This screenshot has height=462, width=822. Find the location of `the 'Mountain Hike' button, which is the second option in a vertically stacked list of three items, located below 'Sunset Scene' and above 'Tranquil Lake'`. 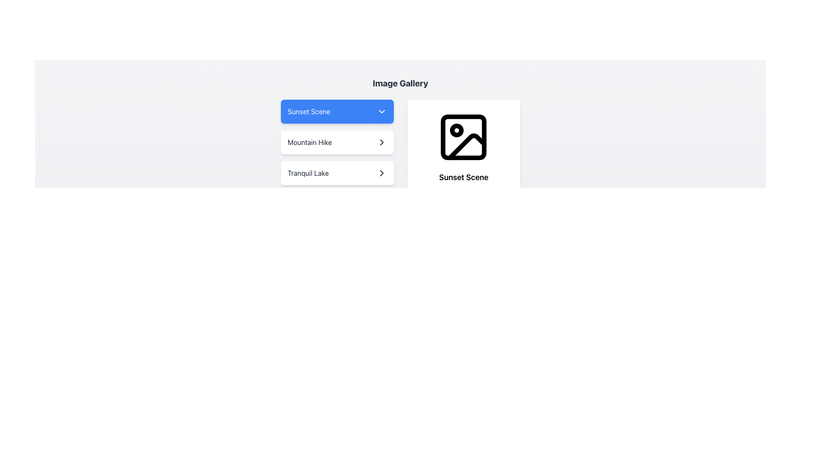

the 'Mountain Hike' button, which is the second option in a vertically stacked list of three items, located below 'Sunset Scene' and above 'Tranquil Lake' is located at coordinates (337, 142).